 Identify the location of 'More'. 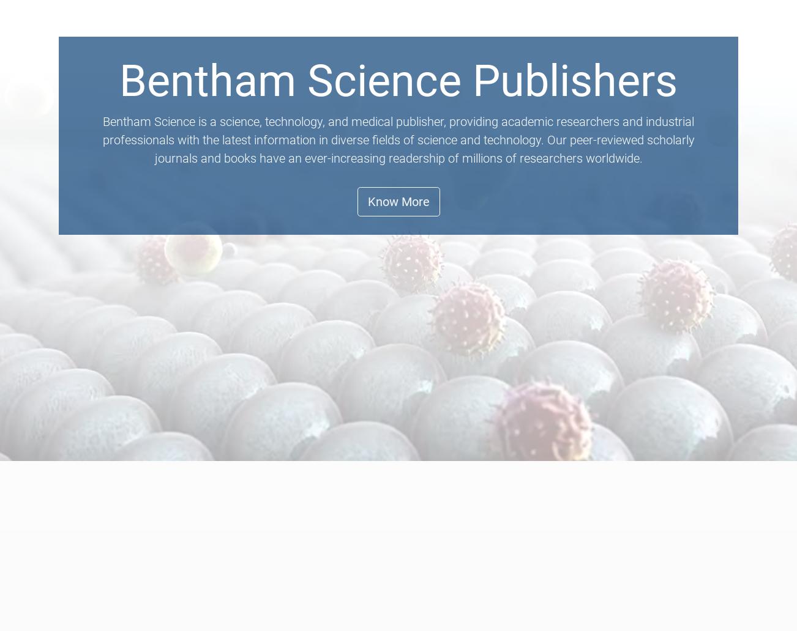
(711, 54).